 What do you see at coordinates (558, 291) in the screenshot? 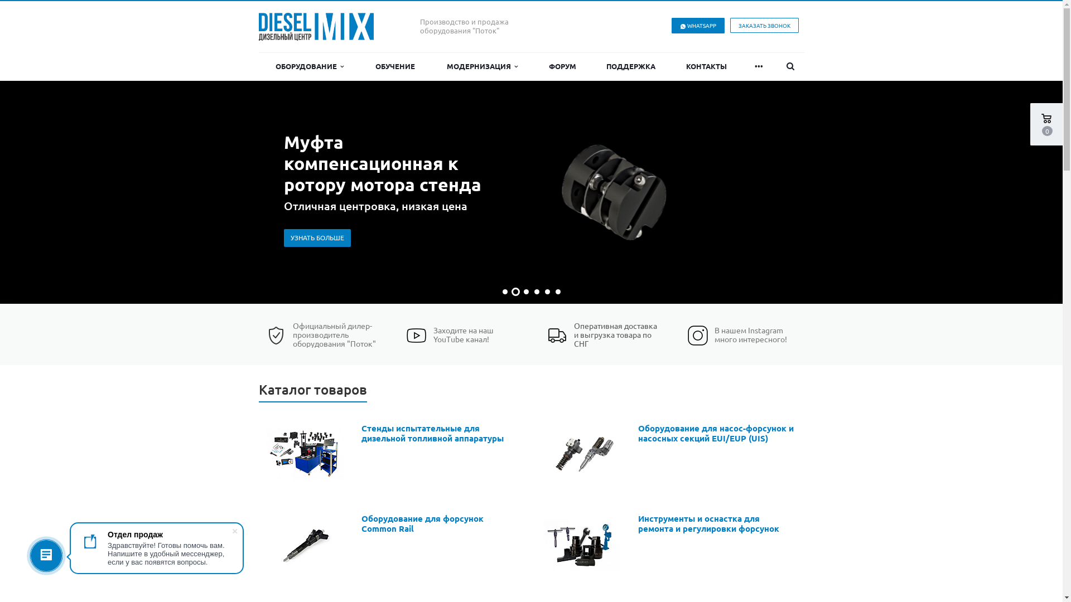
I see `'6'` at bounding box center [558, 291].